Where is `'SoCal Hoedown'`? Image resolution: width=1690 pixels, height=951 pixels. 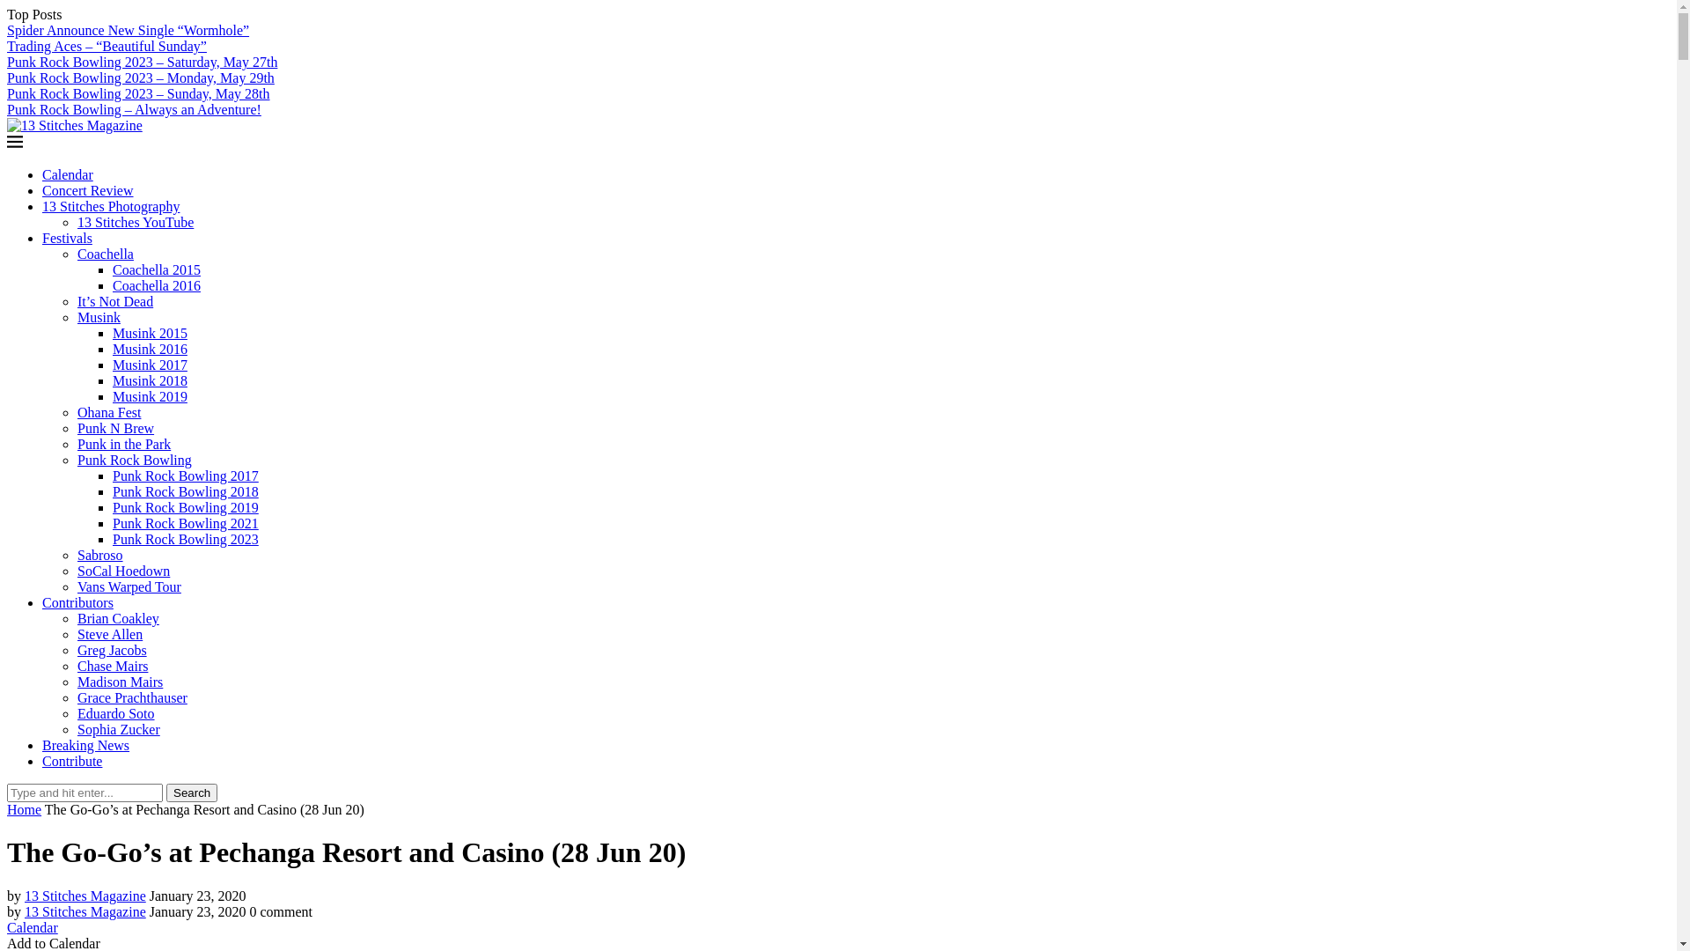 'SoCal Hoedown' is located at coordinates (122, 571).